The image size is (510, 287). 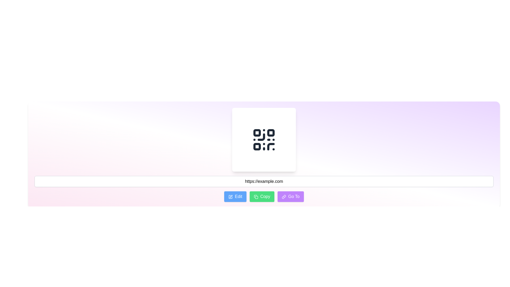 I want to click on the first button from the left in the horizontal group near the bottom center of the interface, so click(x=235, y=197).